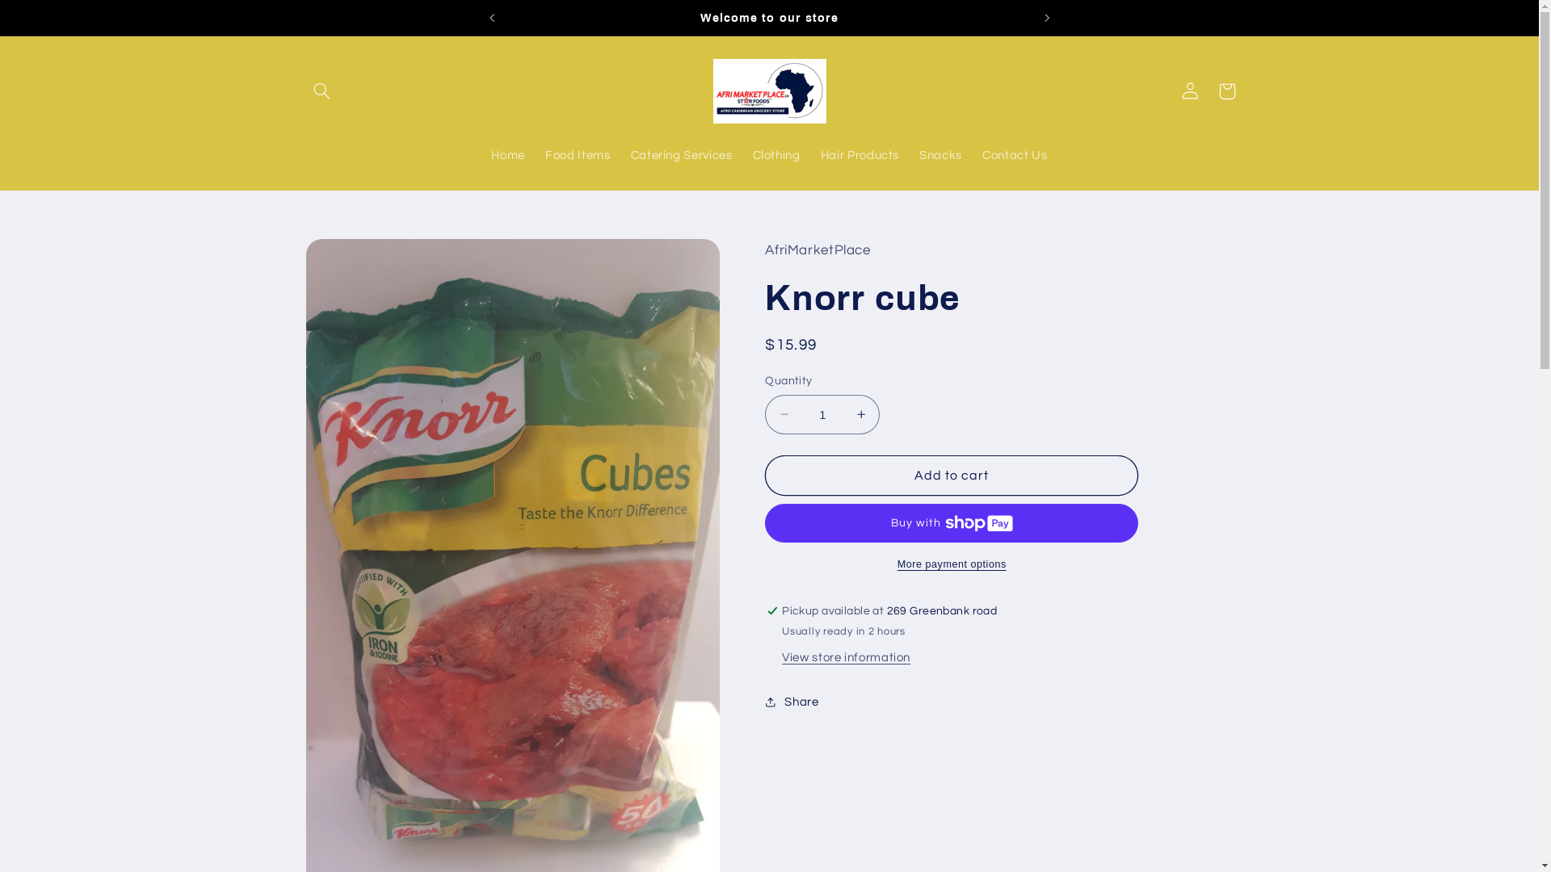 The height and width of the screenshot is (872, 1551). What do you see at coordinates (951, 564) in the screenshot?
I see `'More payment options'` at bounding box center [951, 564].